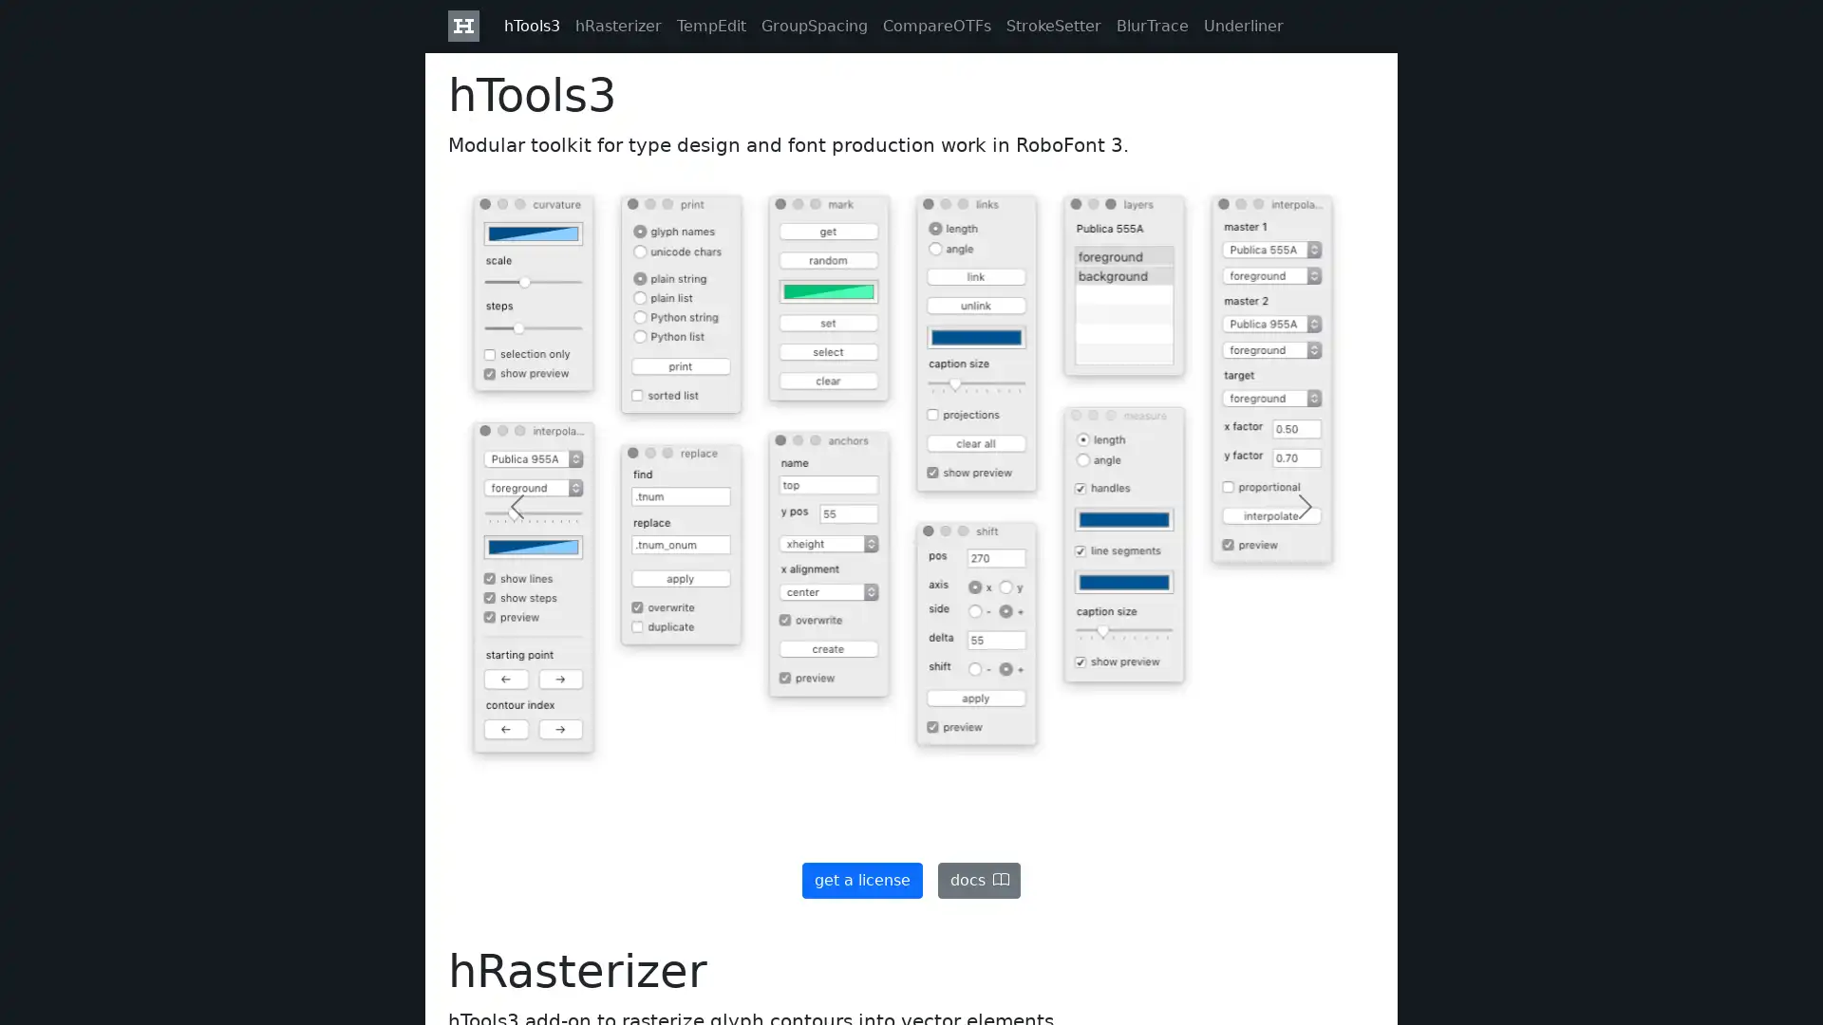 This screenshot has width=1823, height=1025. I want to click on Next, so click(1304, 505).